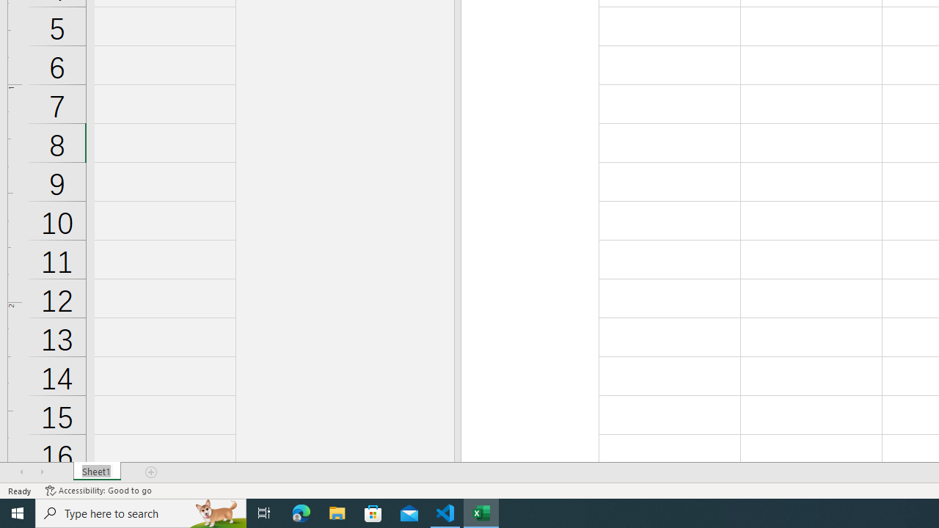  Describe the element at coordinates (152, 472) in the screenshot. I see `'Add Sheet'` at that location.